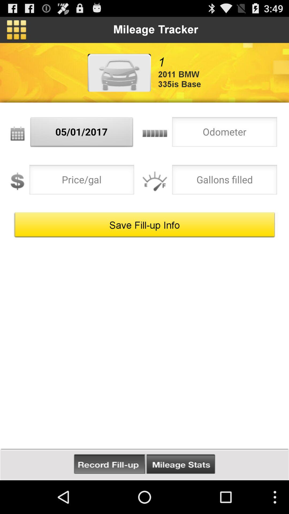 The width and height of the screenshot is (289, 514). What do you see at coordinates (16, 29) in the screenshot?
I see `icon next to the mileage tracker icon` at bounding box center [16, 29].